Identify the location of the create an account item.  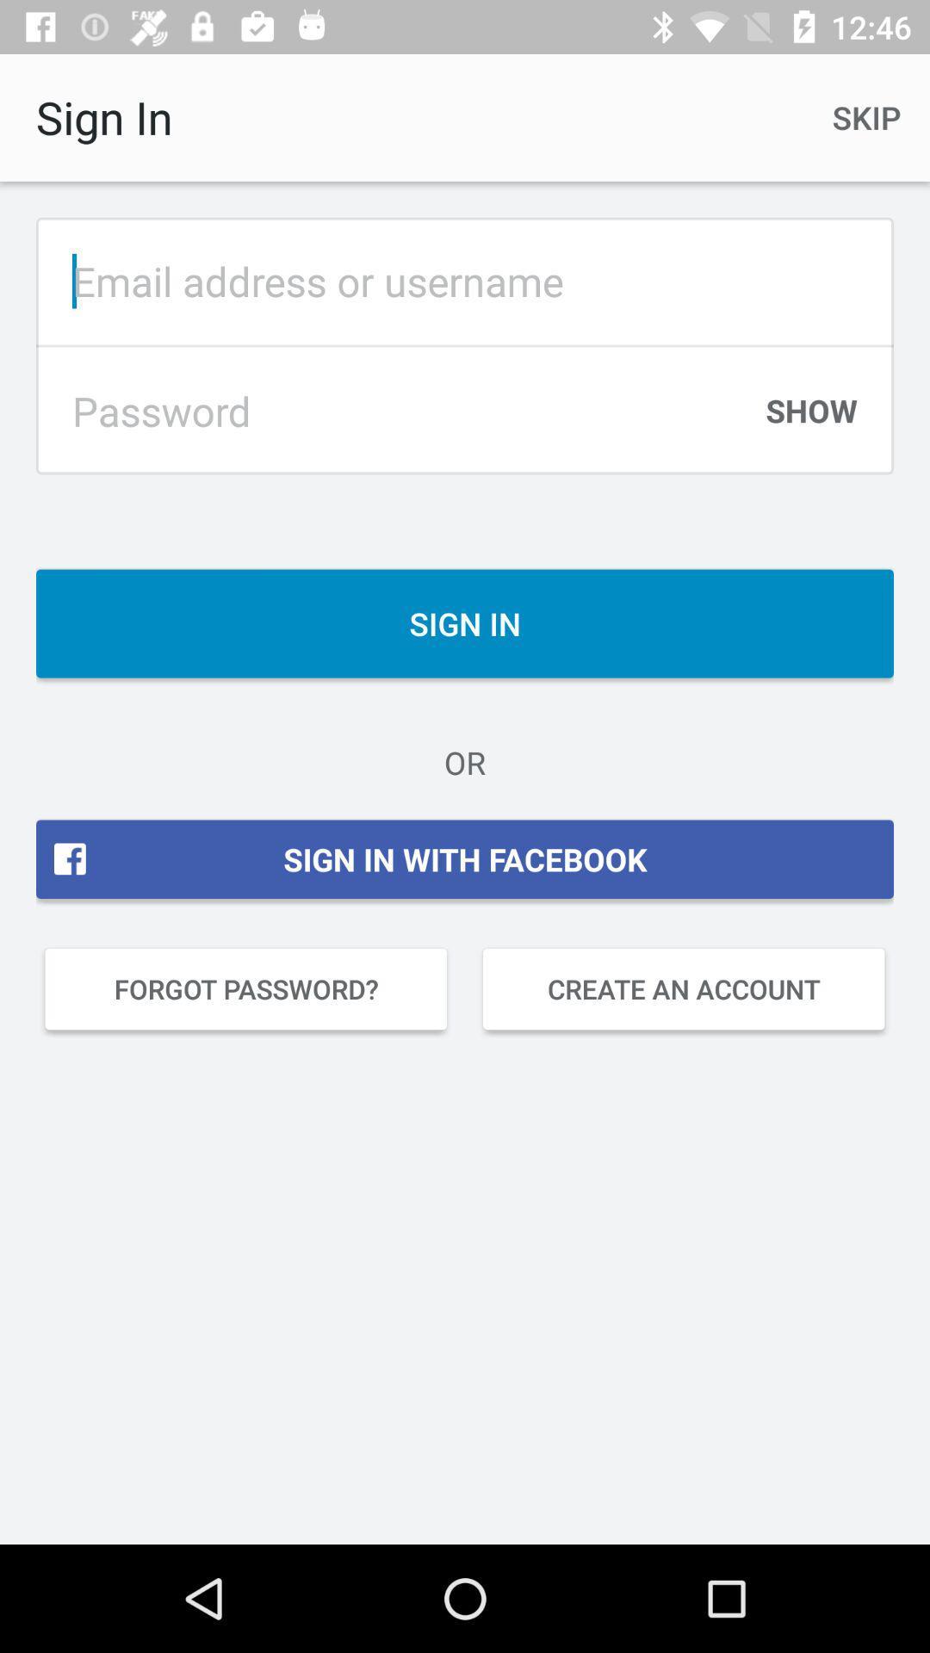
(683, 988).